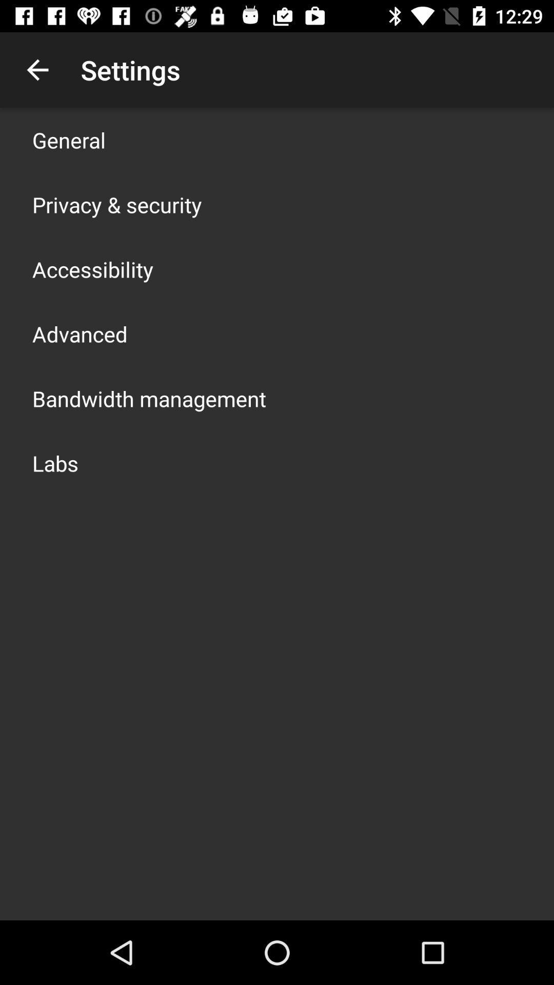  Describe the element at coordinates (37, 69) in the screenshot. I see `the item above the general icon` at that location.